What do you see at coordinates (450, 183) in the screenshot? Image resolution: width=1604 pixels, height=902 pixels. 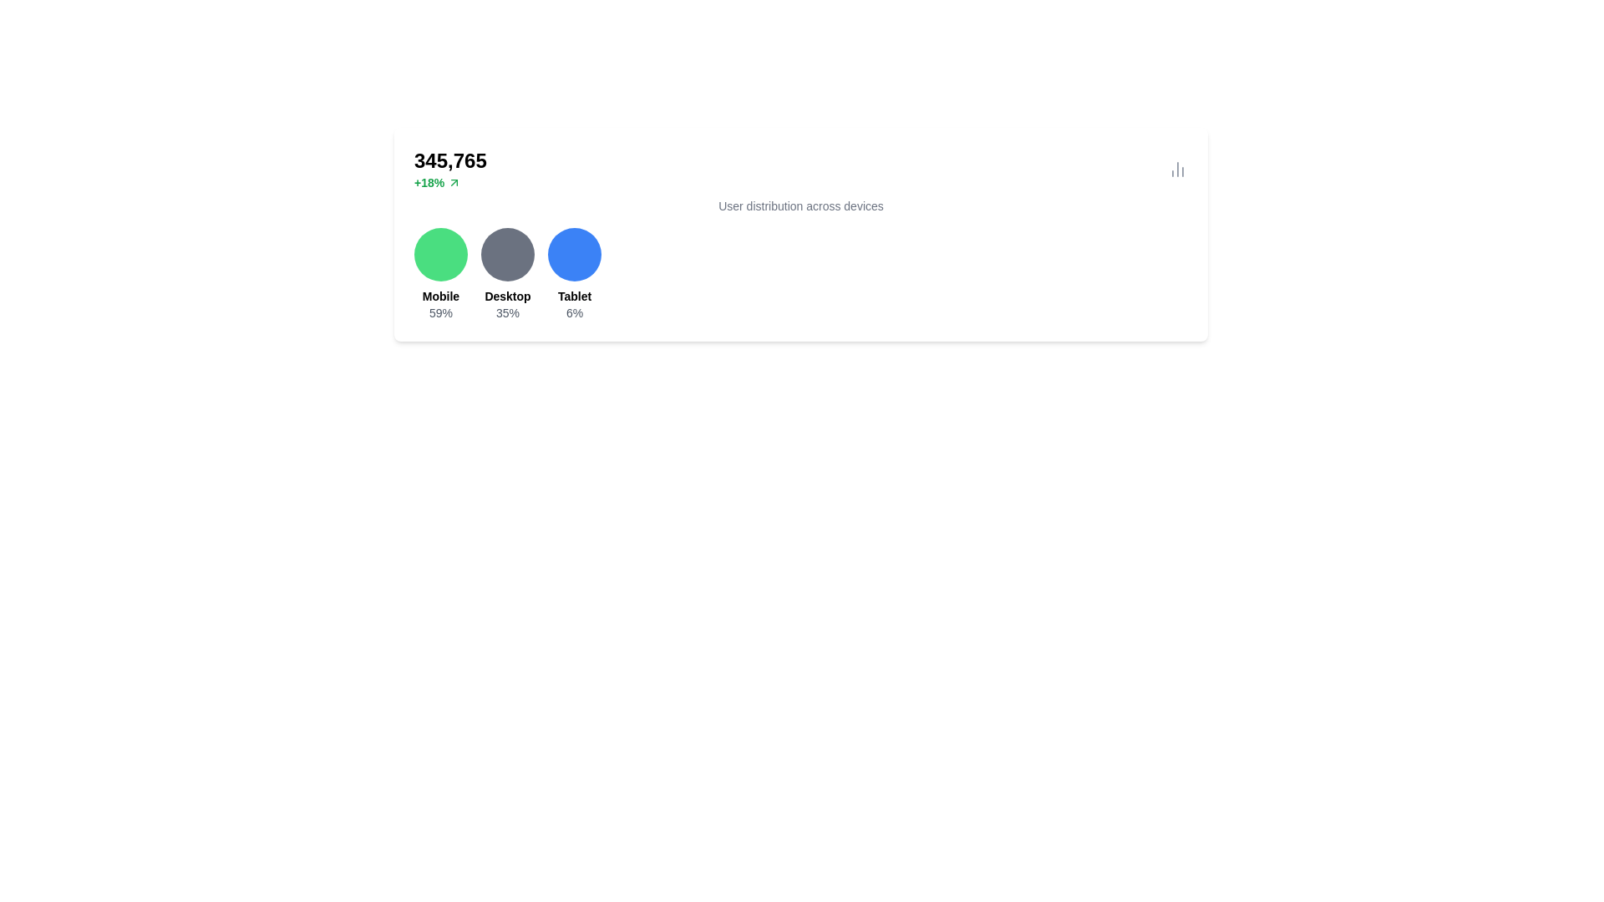 I see `the text '+18%' with a green color and upward arrow icon, located below the number '345,765'` at bounding box center [450, 183].